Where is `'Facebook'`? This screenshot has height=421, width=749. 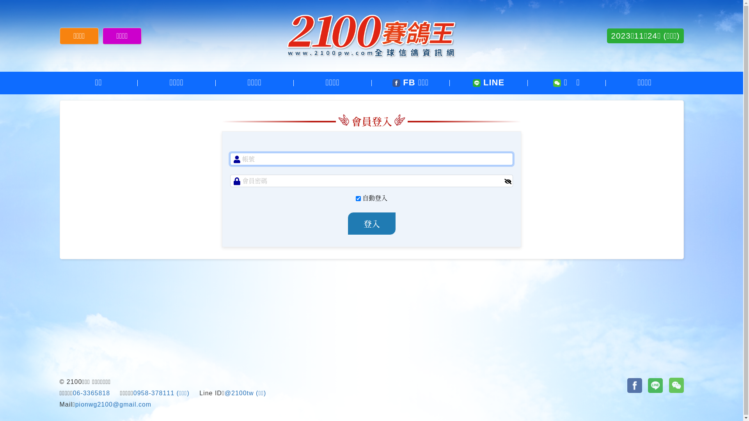
'Facebook' is located at coordinates (635, 385).